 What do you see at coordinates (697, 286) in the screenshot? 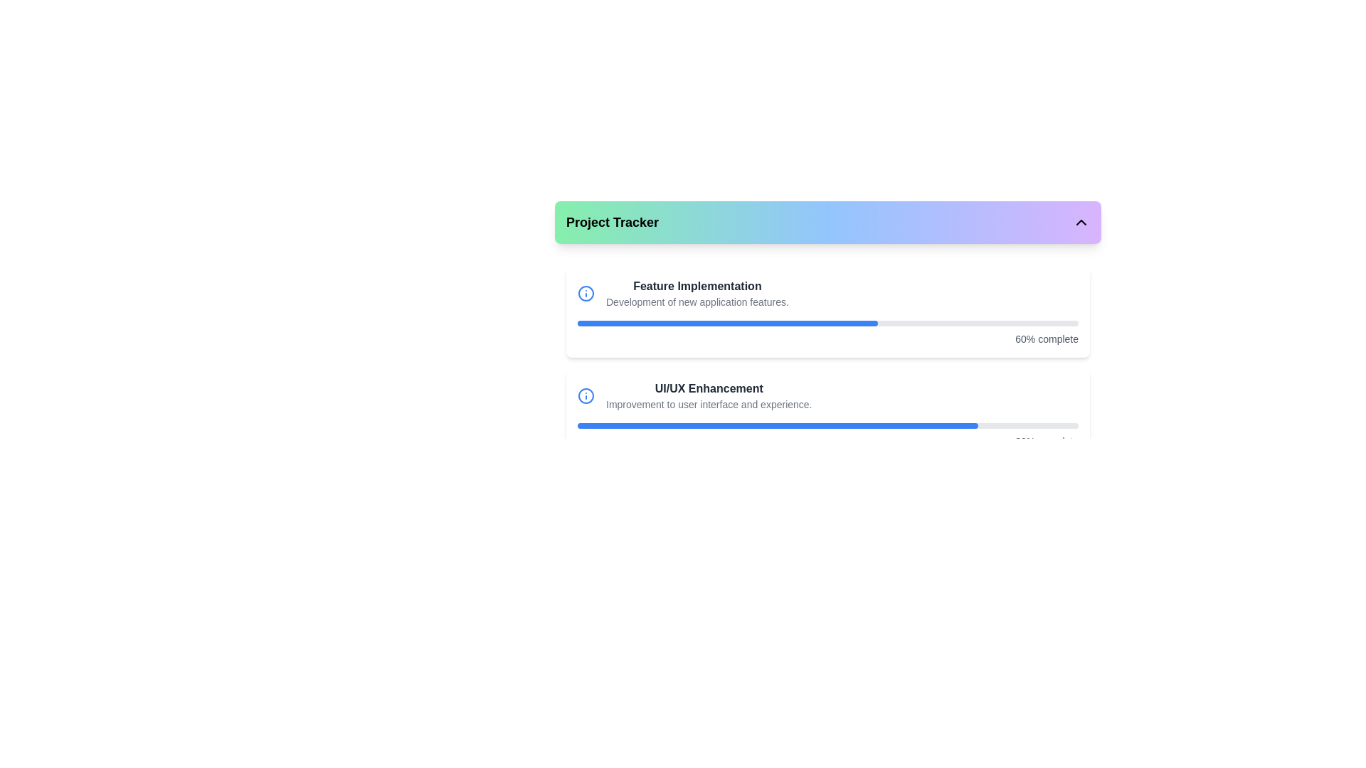
I see `the static text element that serves as a header for the feature implementation section, positioned above the descriptive text 'Development of new application features.'` at bounding box center [697, 286].